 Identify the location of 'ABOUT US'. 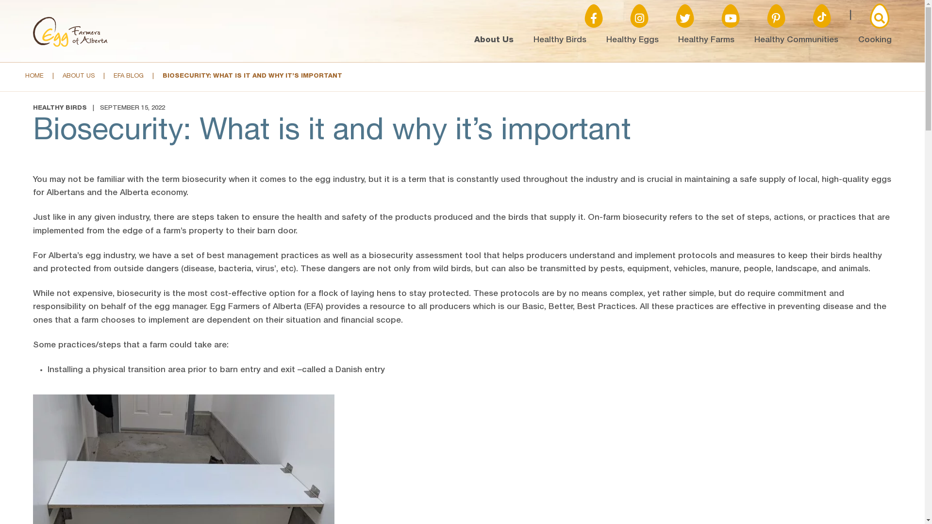
(62, 76).